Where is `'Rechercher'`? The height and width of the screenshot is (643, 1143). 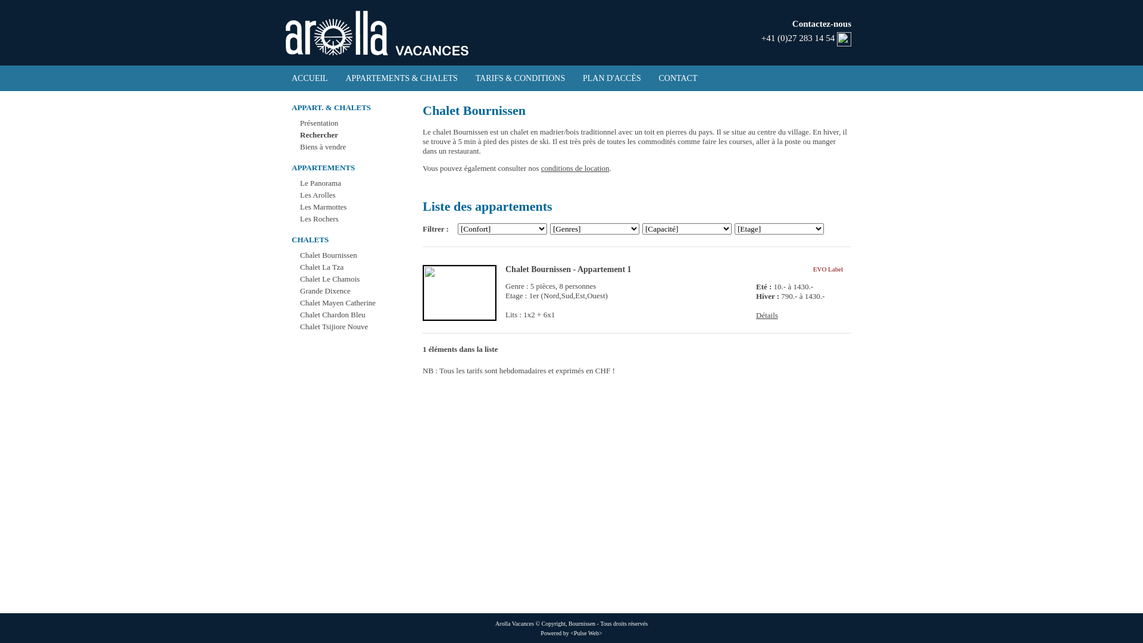
'Rechercher' is located at coordinates (319, 134).